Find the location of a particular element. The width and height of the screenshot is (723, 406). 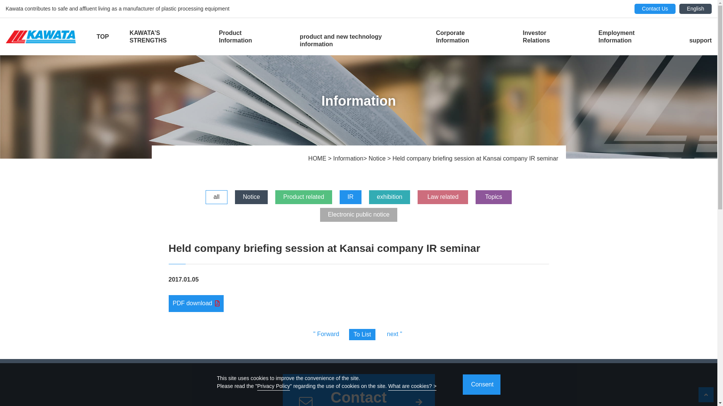

'Product related' is located at coordinates (304, 197).